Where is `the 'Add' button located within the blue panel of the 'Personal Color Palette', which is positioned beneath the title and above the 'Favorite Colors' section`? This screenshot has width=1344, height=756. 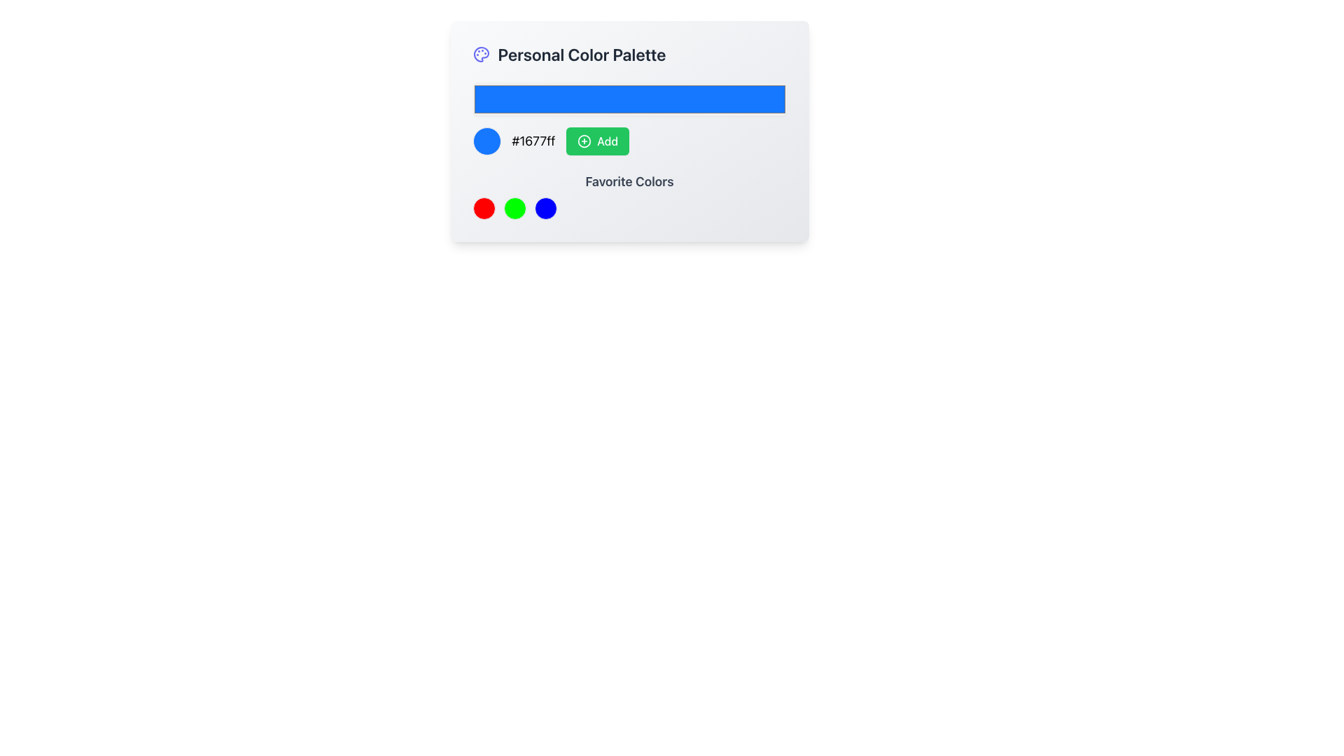
the 'Add' button located within the blue panel of the 'Personal Color Palette', which is positioned beneath the title and above the 'Favorite Colors' section is located at coordinates (629, 118).